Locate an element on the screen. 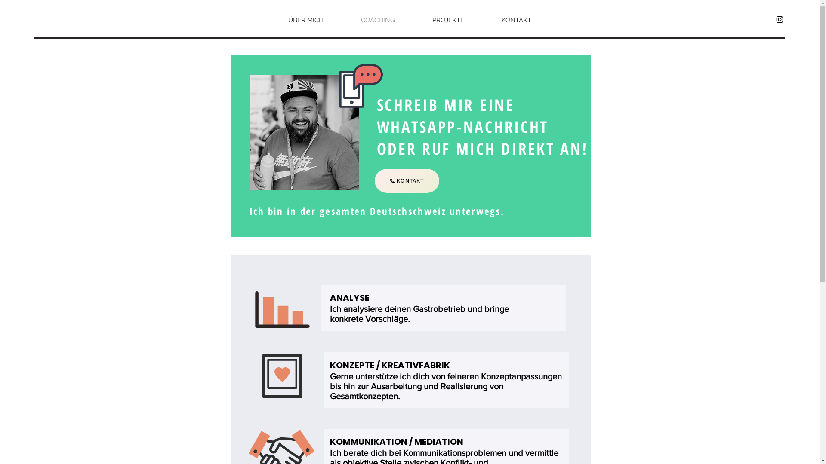 The height and width of the screenshot is (464, 826). 'KONTAKT' is located at coordinates (406, 180).